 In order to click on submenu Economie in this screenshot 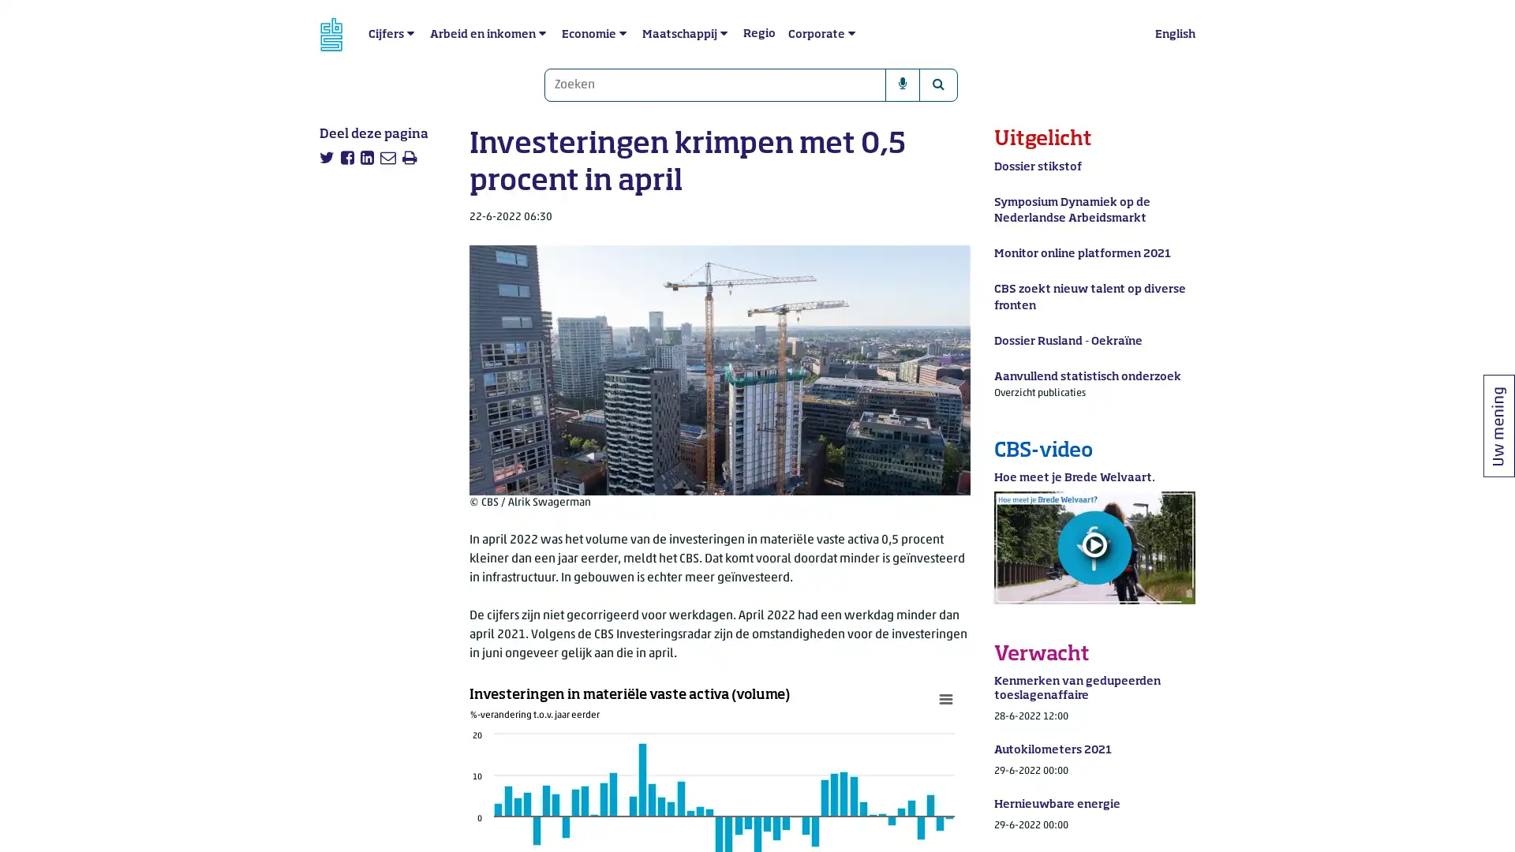, I will do `click(622, 33)`.